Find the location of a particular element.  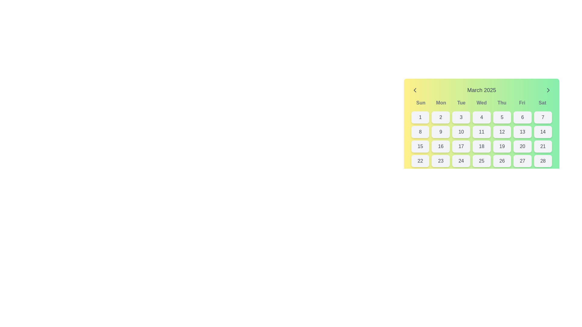

the selectable date button representing the 8th of the month in the calendar interface is located at coordinates (420, 131).